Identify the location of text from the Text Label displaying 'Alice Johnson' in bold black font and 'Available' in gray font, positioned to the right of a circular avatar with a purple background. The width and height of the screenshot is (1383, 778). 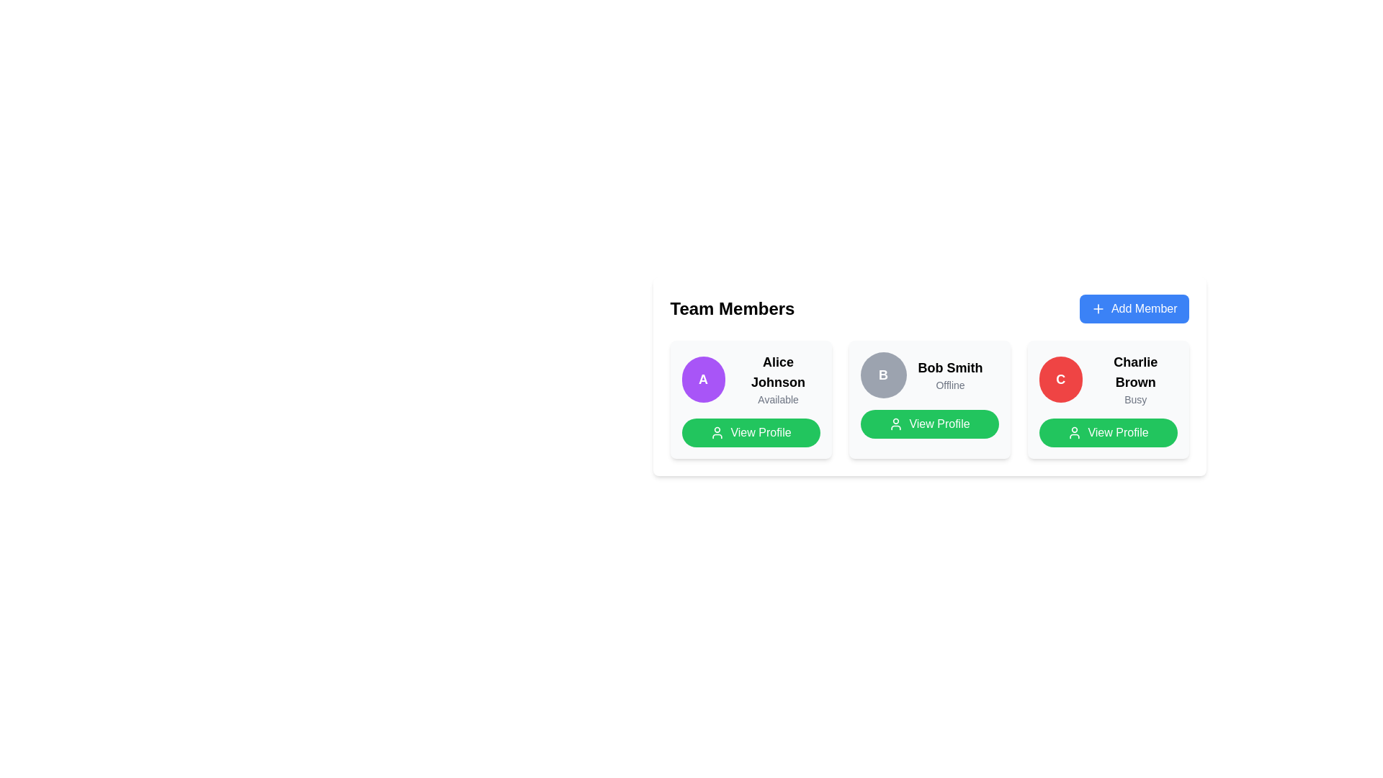
(777, 379).